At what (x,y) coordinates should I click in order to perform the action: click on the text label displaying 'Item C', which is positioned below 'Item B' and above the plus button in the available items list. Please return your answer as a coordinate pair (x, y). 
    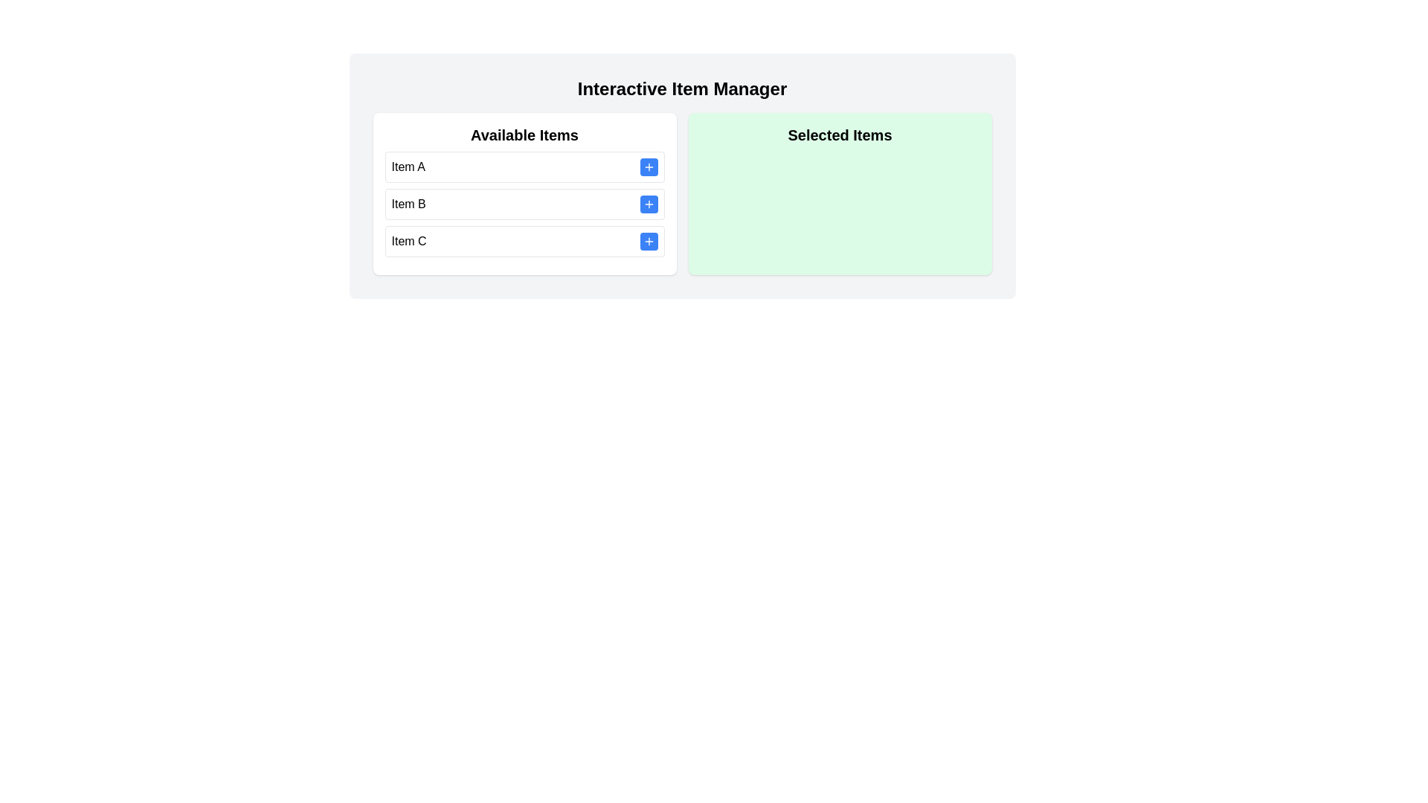
    Looking at the image, I should click on (409, 240).